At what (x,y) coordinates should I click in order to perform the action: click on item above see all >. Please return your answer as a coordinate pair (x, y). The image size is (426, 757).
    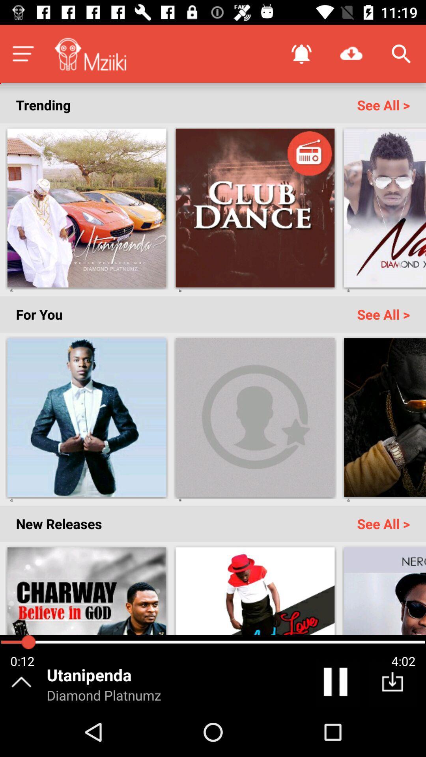
    Looking at the image, I should click on (351, 53).